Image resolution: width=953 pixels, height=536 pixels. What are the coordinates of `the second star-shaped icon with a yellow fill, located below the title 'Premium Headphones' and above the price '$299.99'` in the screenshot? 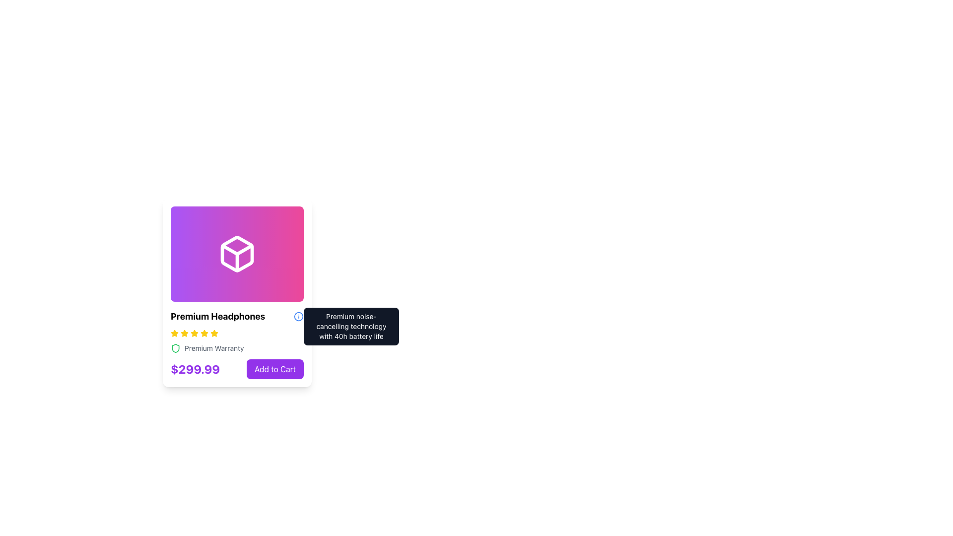 It's located at (185, 333).